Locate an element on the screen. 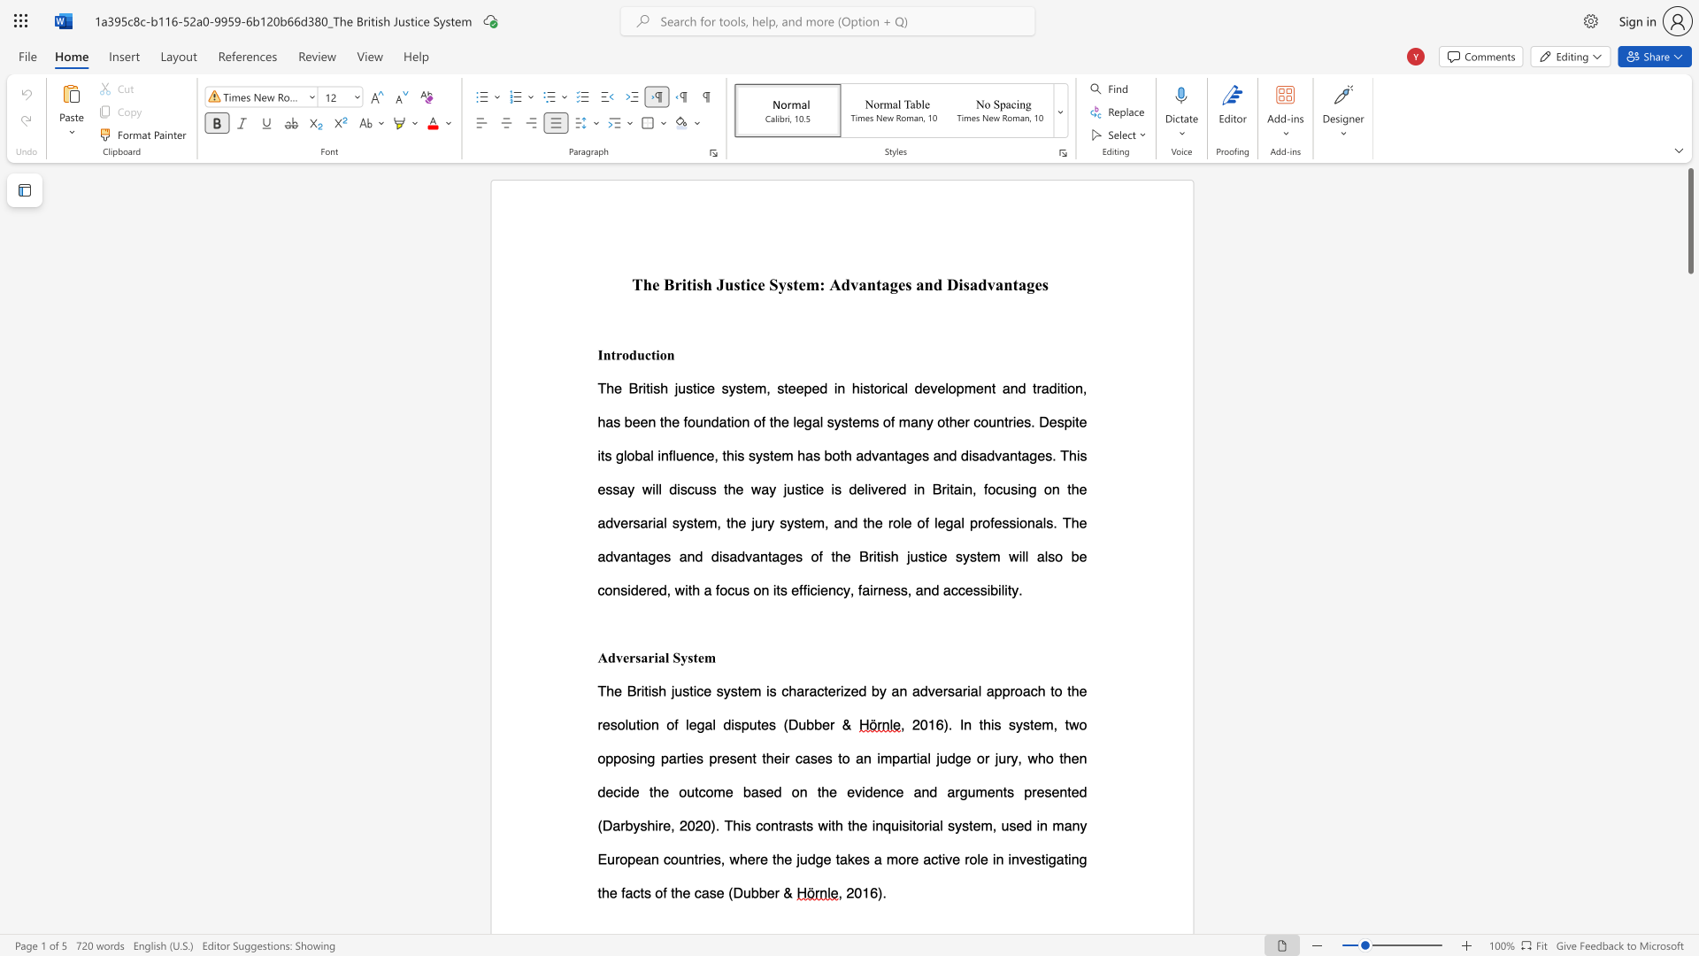 Image resolution: width=1699 pixels, height=956 pixels. the 1th character "&" in the text is located at coordinates (787, 892).